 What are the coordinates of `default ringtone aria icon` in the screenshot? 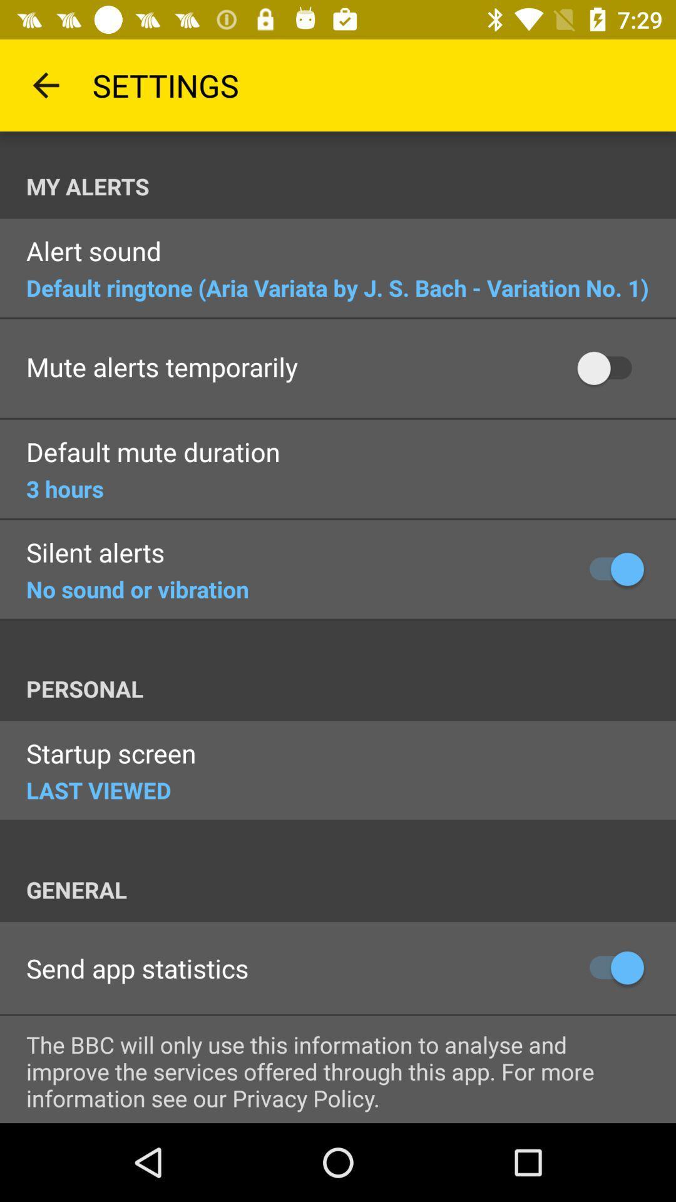 It's located at (337, 287).